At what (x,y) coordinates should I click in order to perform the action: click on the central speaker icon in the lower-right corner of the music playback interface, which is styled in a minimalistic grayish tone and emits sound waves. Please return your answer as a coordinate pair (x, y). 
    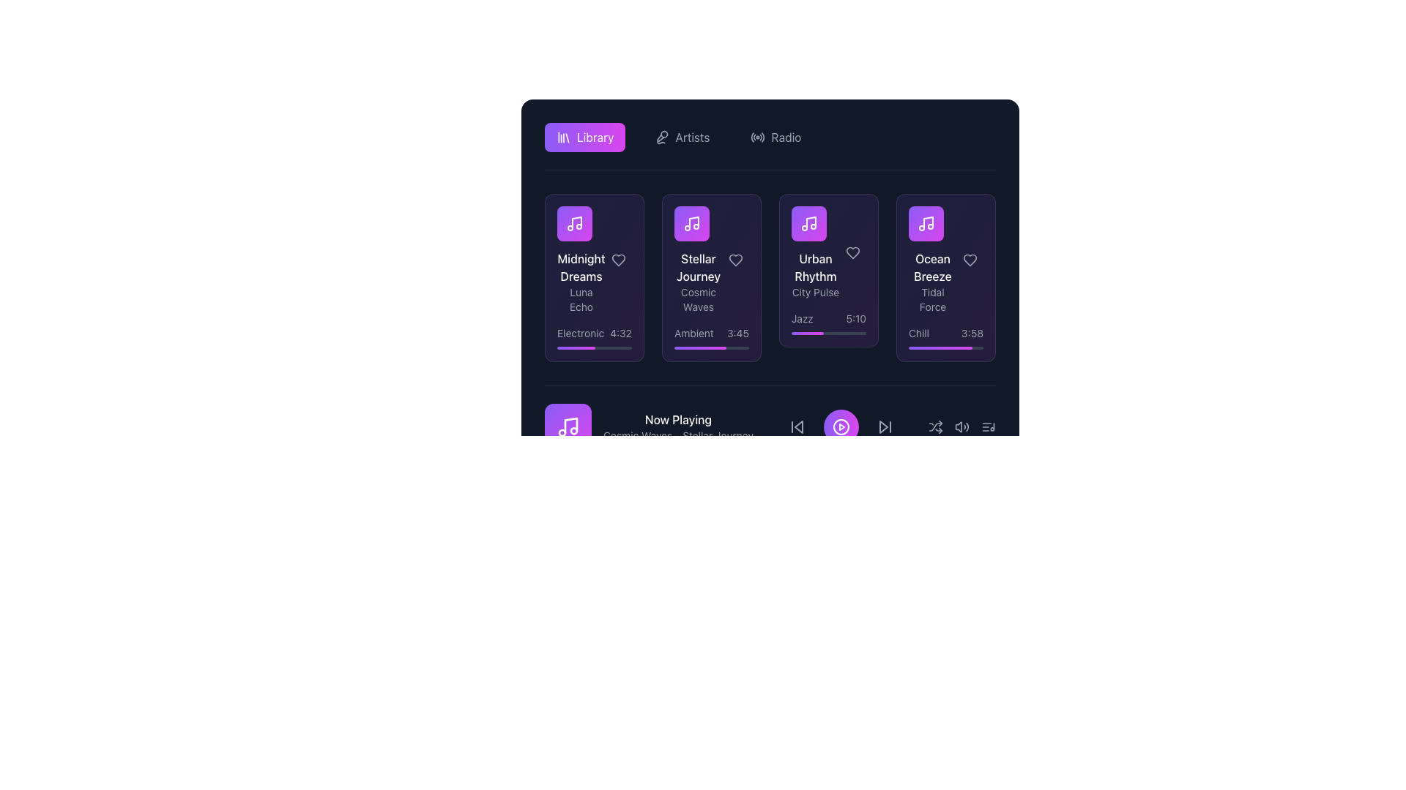
    Looking at the image, I should click on (962, 426).